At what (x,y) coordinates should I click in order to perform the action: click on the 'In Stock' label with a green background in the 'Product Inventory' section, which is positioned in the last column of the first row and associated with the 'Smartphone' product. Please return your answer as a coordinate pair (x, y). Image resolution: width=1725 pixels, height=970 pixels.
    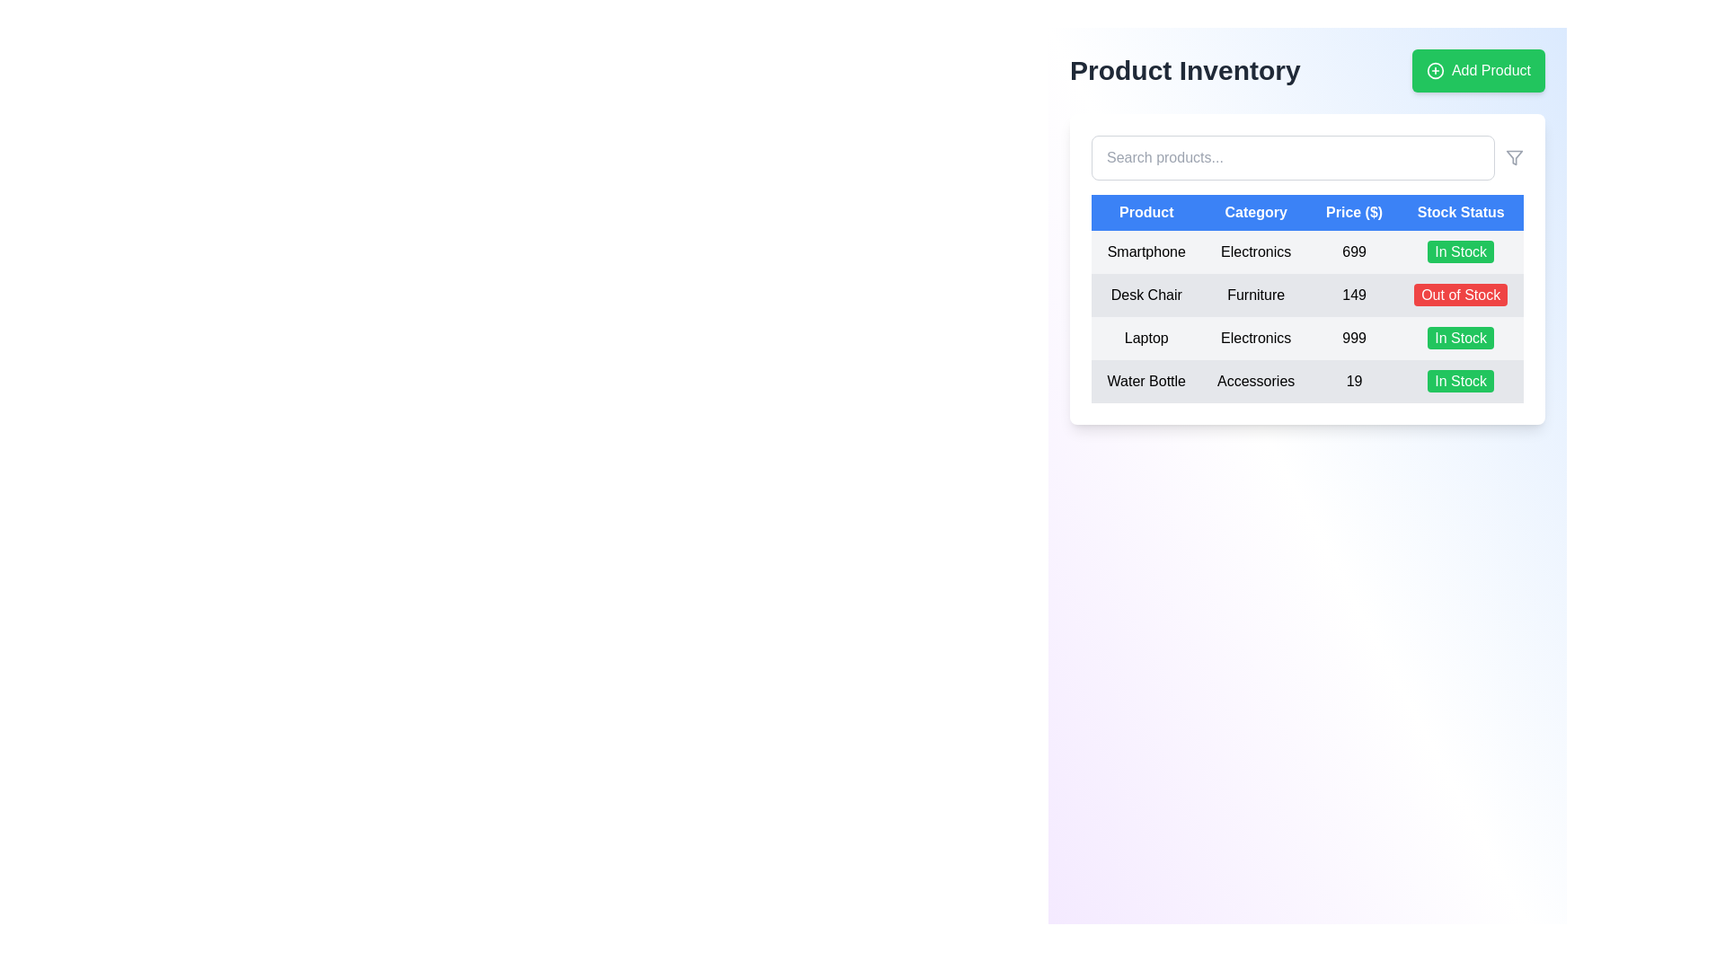
    Looking at the image, I should click on (1461, 252).